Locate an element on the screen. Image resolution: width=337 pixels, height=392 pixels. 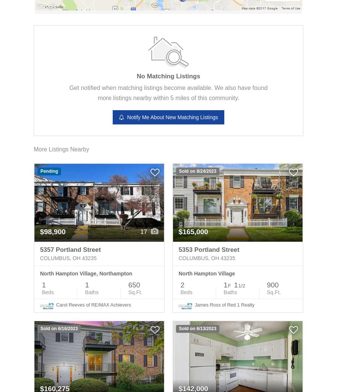
'1/2' is located at coordinates (242, 285).